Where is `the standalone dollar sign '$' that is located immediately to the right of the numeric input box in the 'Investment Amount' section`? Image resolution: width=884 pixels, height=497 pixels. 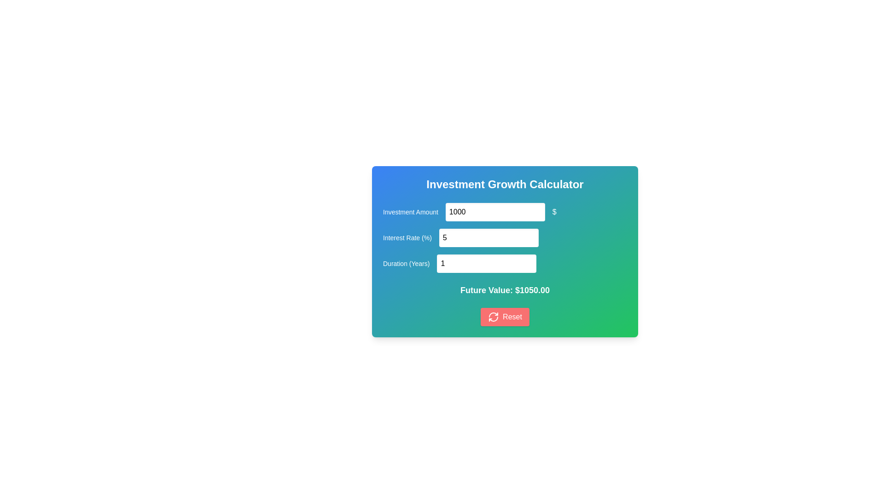 the standalone dollar sign '$' that is located immediately to the right of the numeric input box in the 'Investment Amount' section is located at coordinates (554, 212).